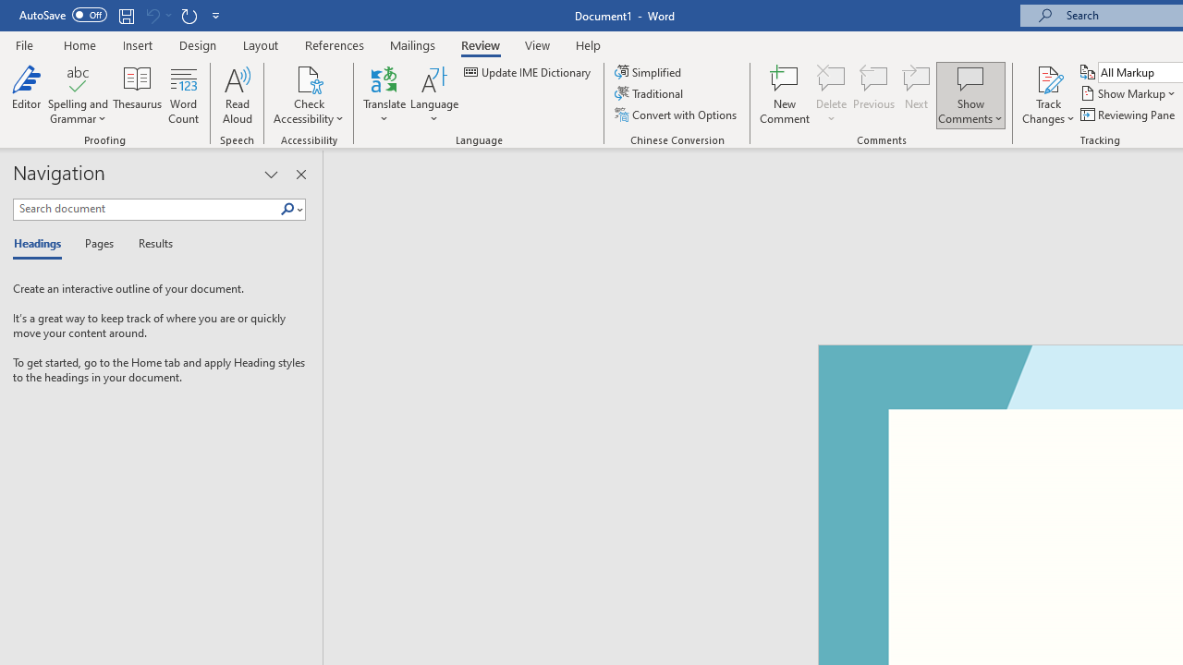 This screenshot has width=1183, height=665. Describe the element at coordinates (785, 95) in the screenshot. I see `'New Comment'` at that location.